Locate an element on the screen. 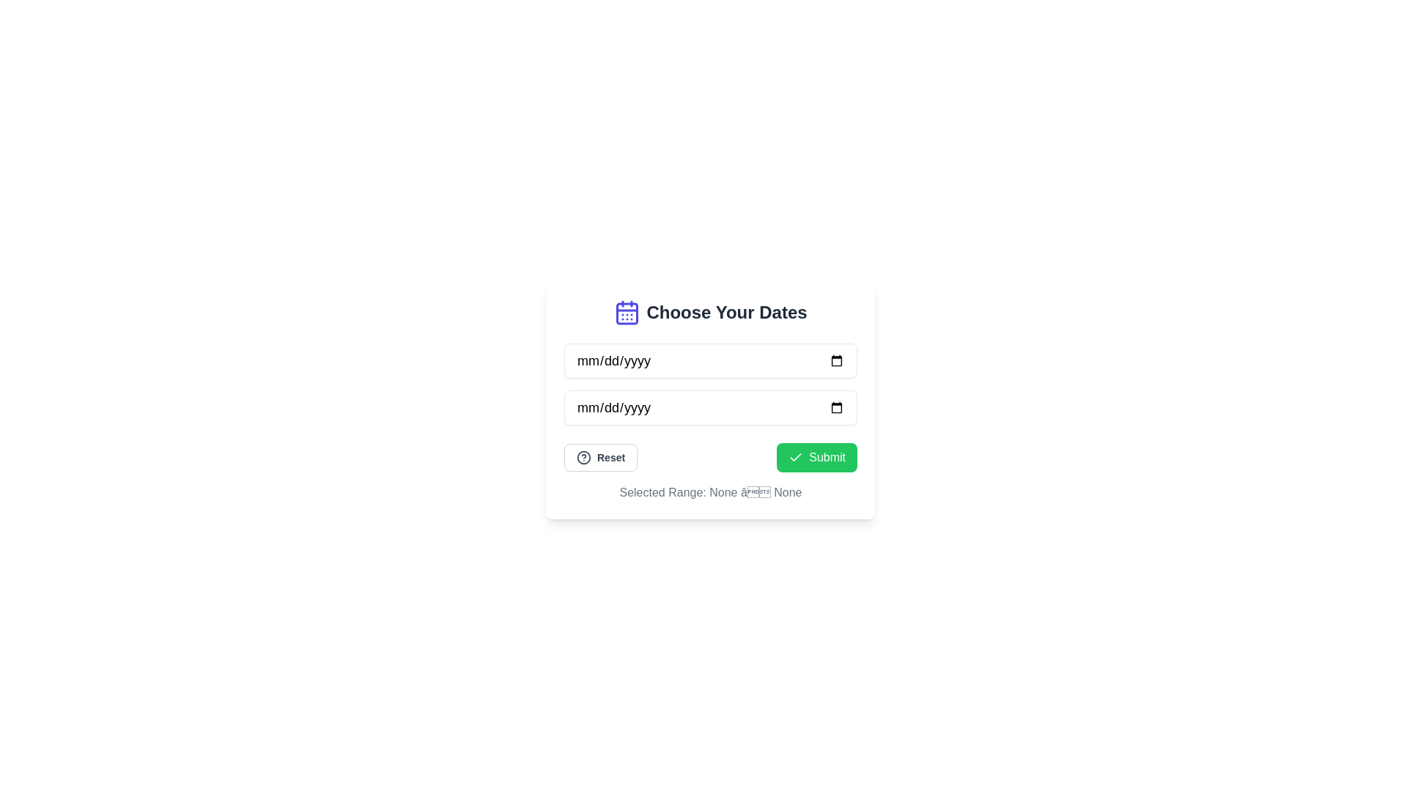  the 'Submit' button, which is located to the right of the 'Reset' button and below the input fields labeled 'mm/dd/yyyy' is located at coordinates (816, 456).